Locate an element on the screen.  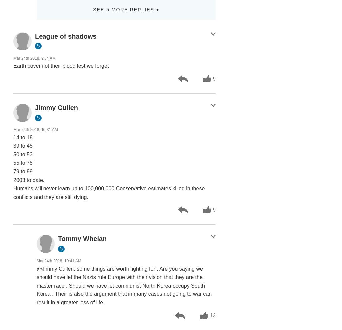
'13' is located at coordinates (212, 315).